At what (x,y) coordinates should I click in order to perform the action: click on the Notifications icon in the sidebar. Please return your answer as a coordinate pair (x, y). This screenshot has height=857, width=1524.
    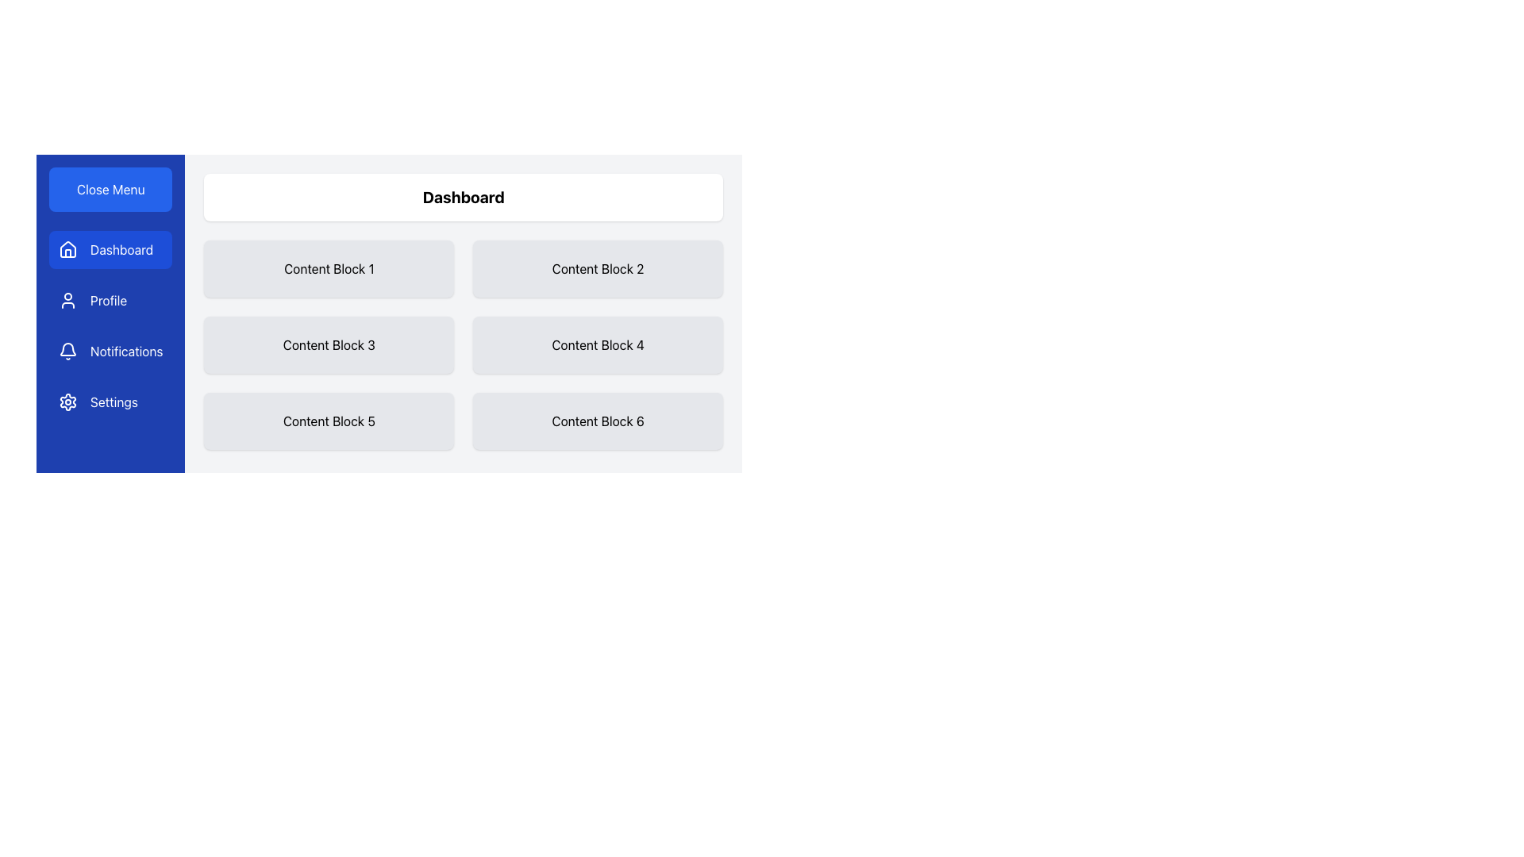
    Looking at the image, I should click on (67, 351).